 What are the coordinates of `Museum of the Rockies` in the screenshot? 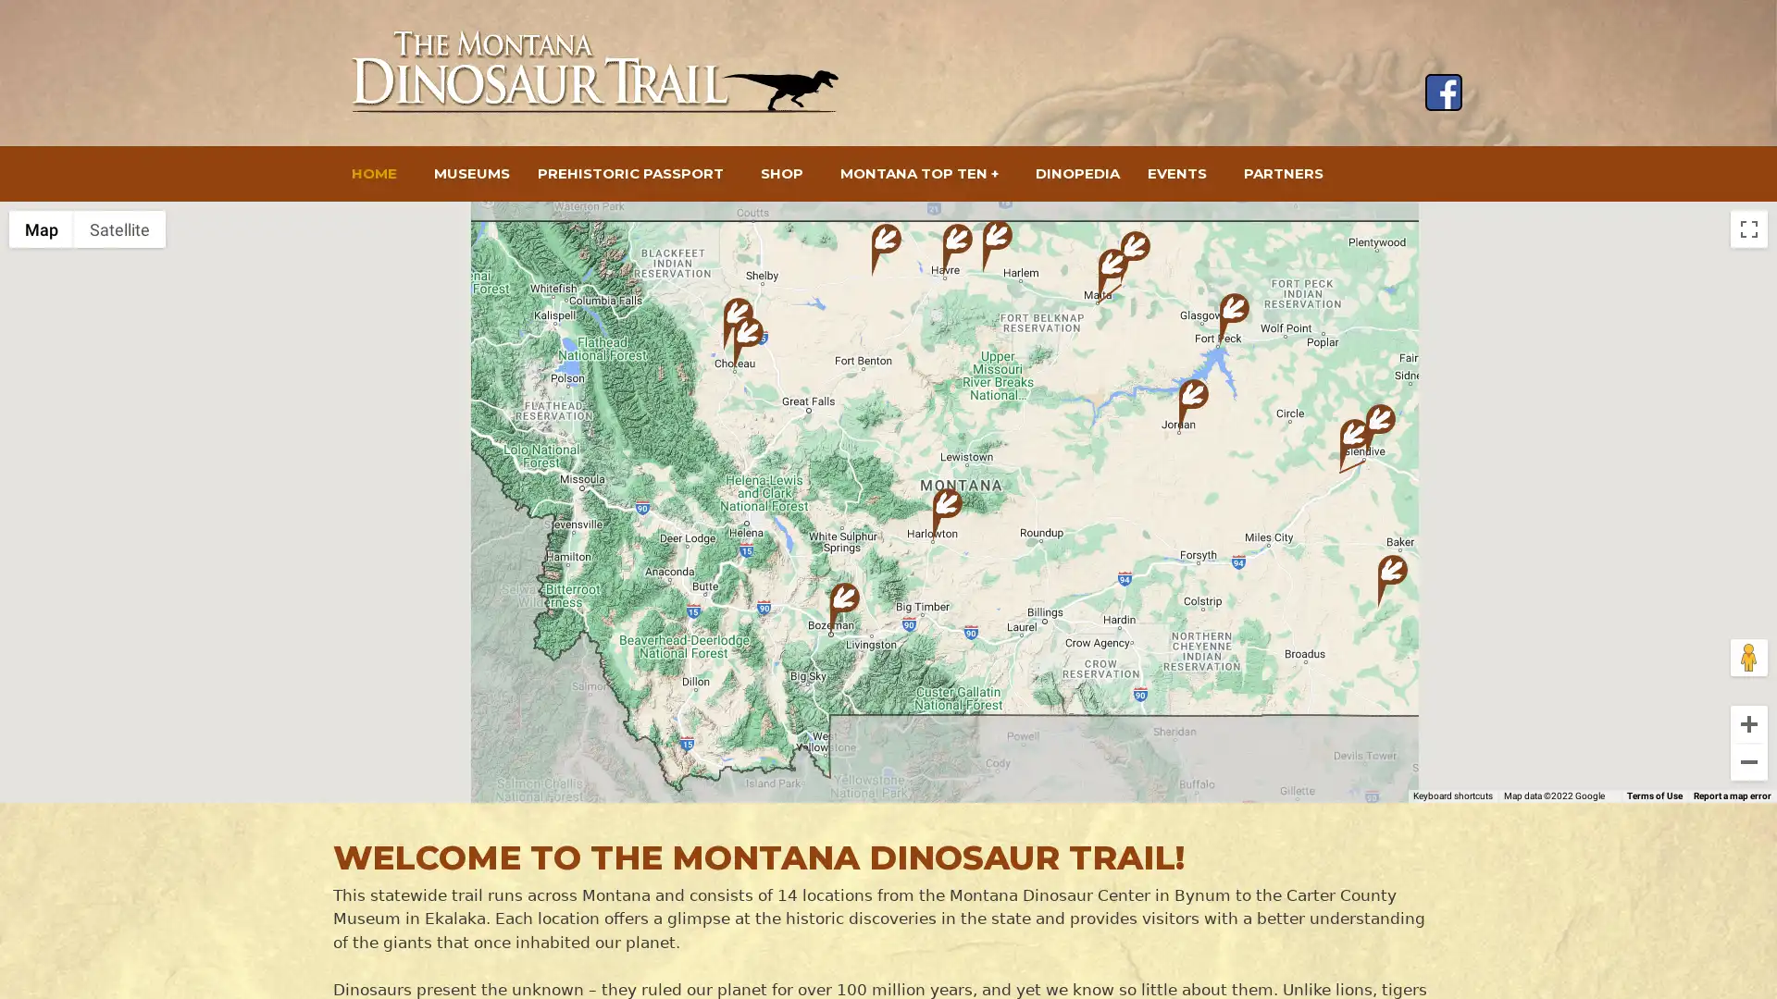 It's located at (843, 609).